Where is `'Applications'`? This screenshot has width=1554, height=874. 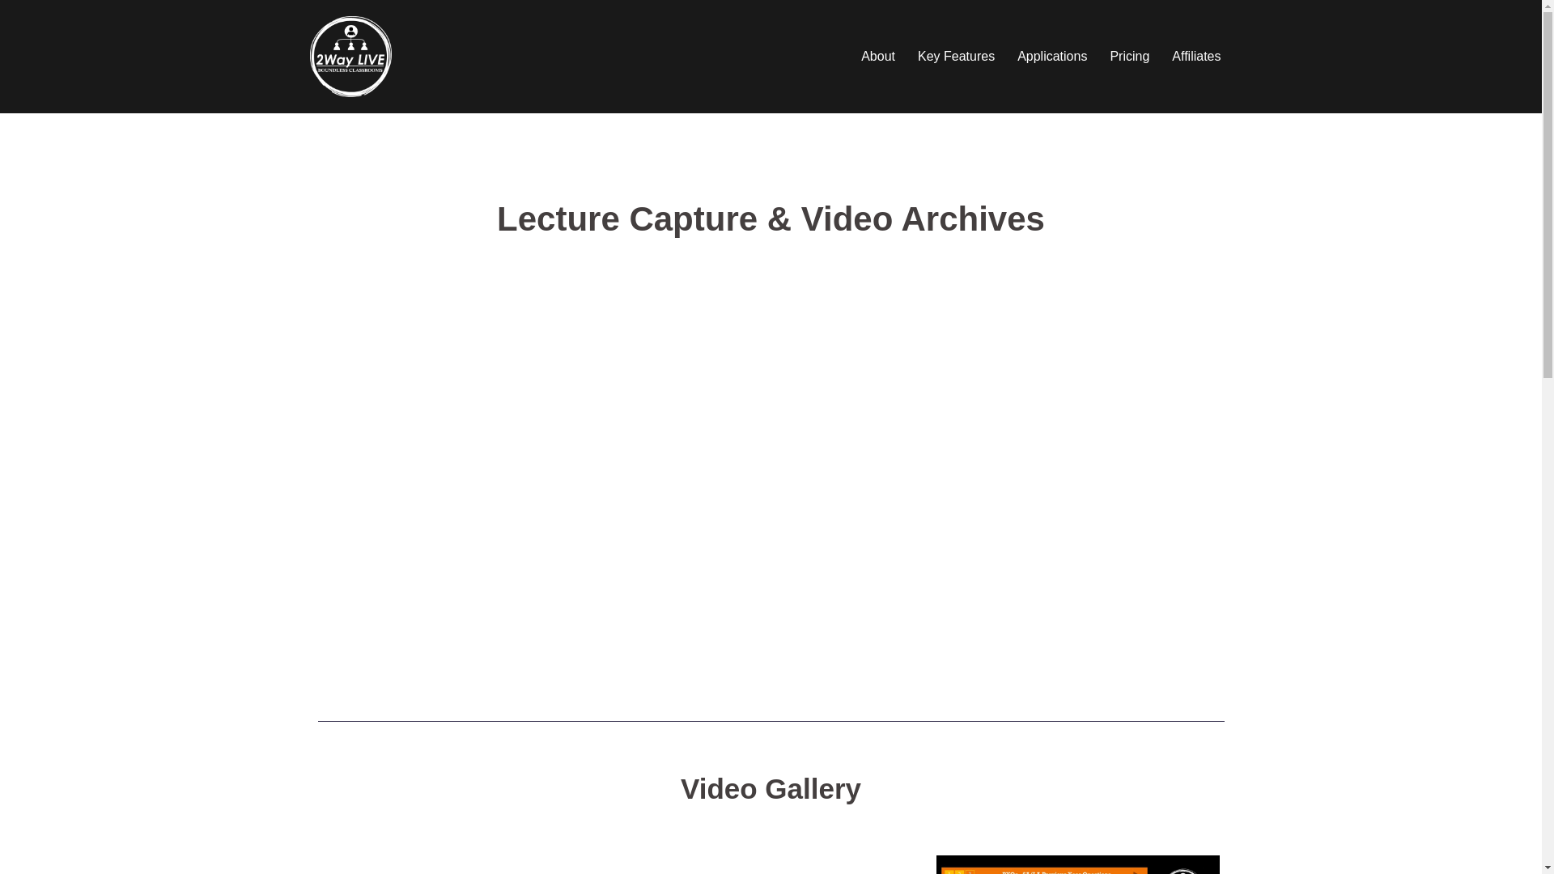
'Applications' is located at coordinates (1052, 55).